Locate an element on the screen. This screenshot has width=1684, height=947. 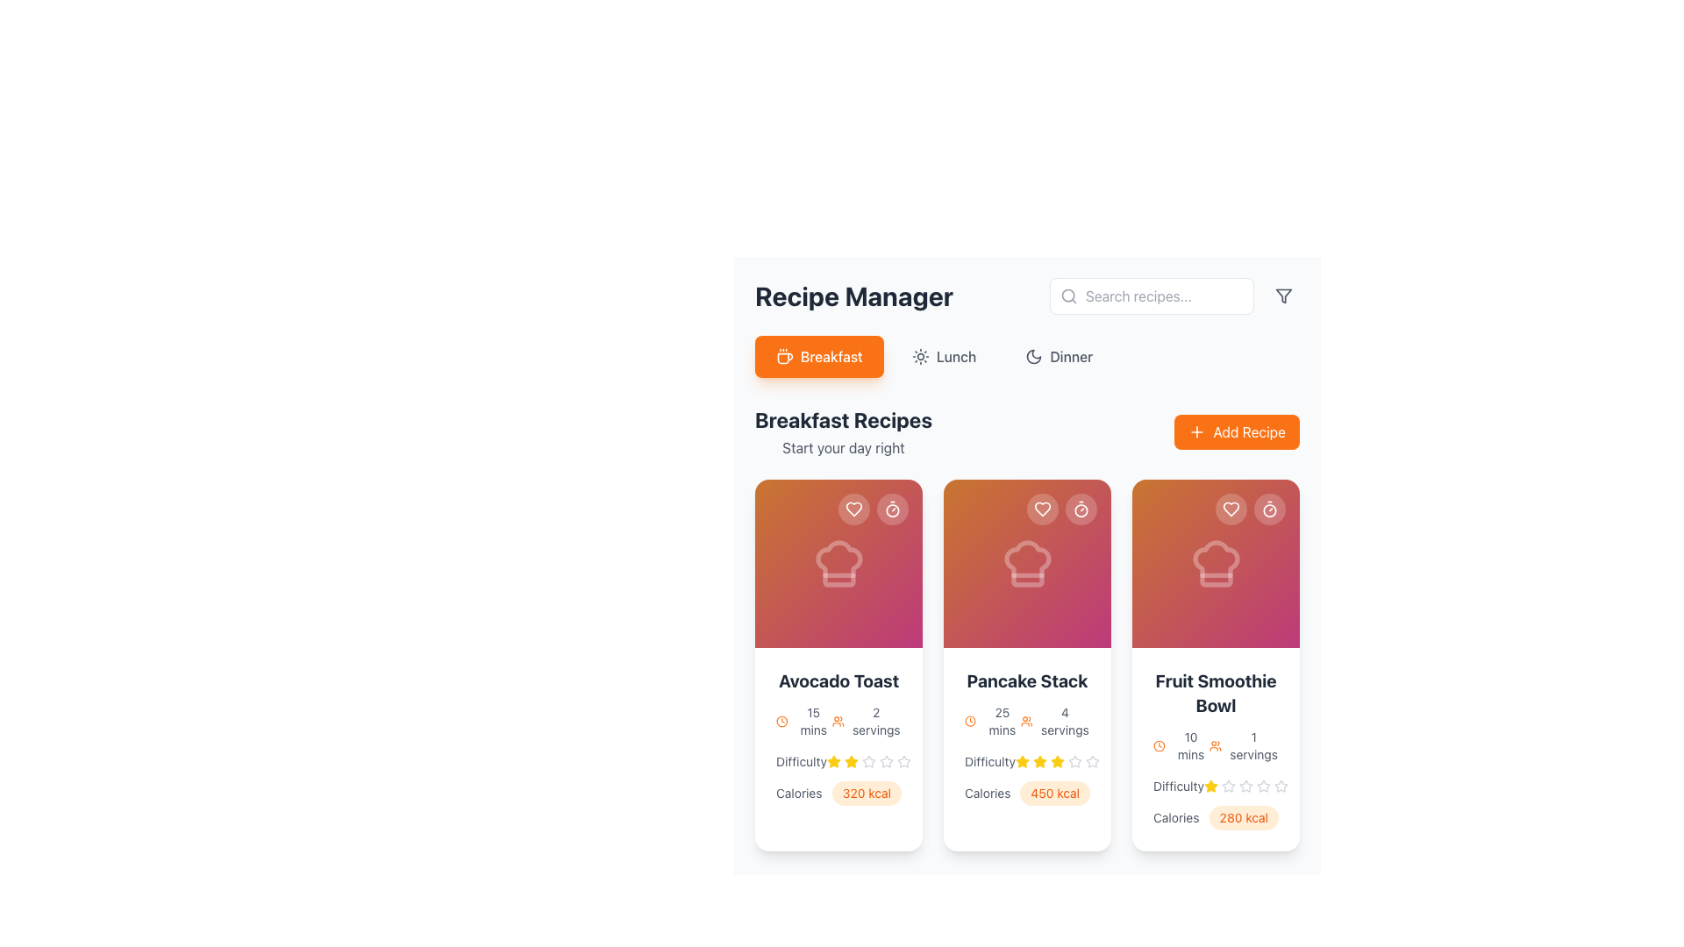
the SVG Circle that is part of the stopwatch icon in the top-right corner of the 'Fruit Smoothie Bowl' recipe card is located at coordinates (1270, 510).